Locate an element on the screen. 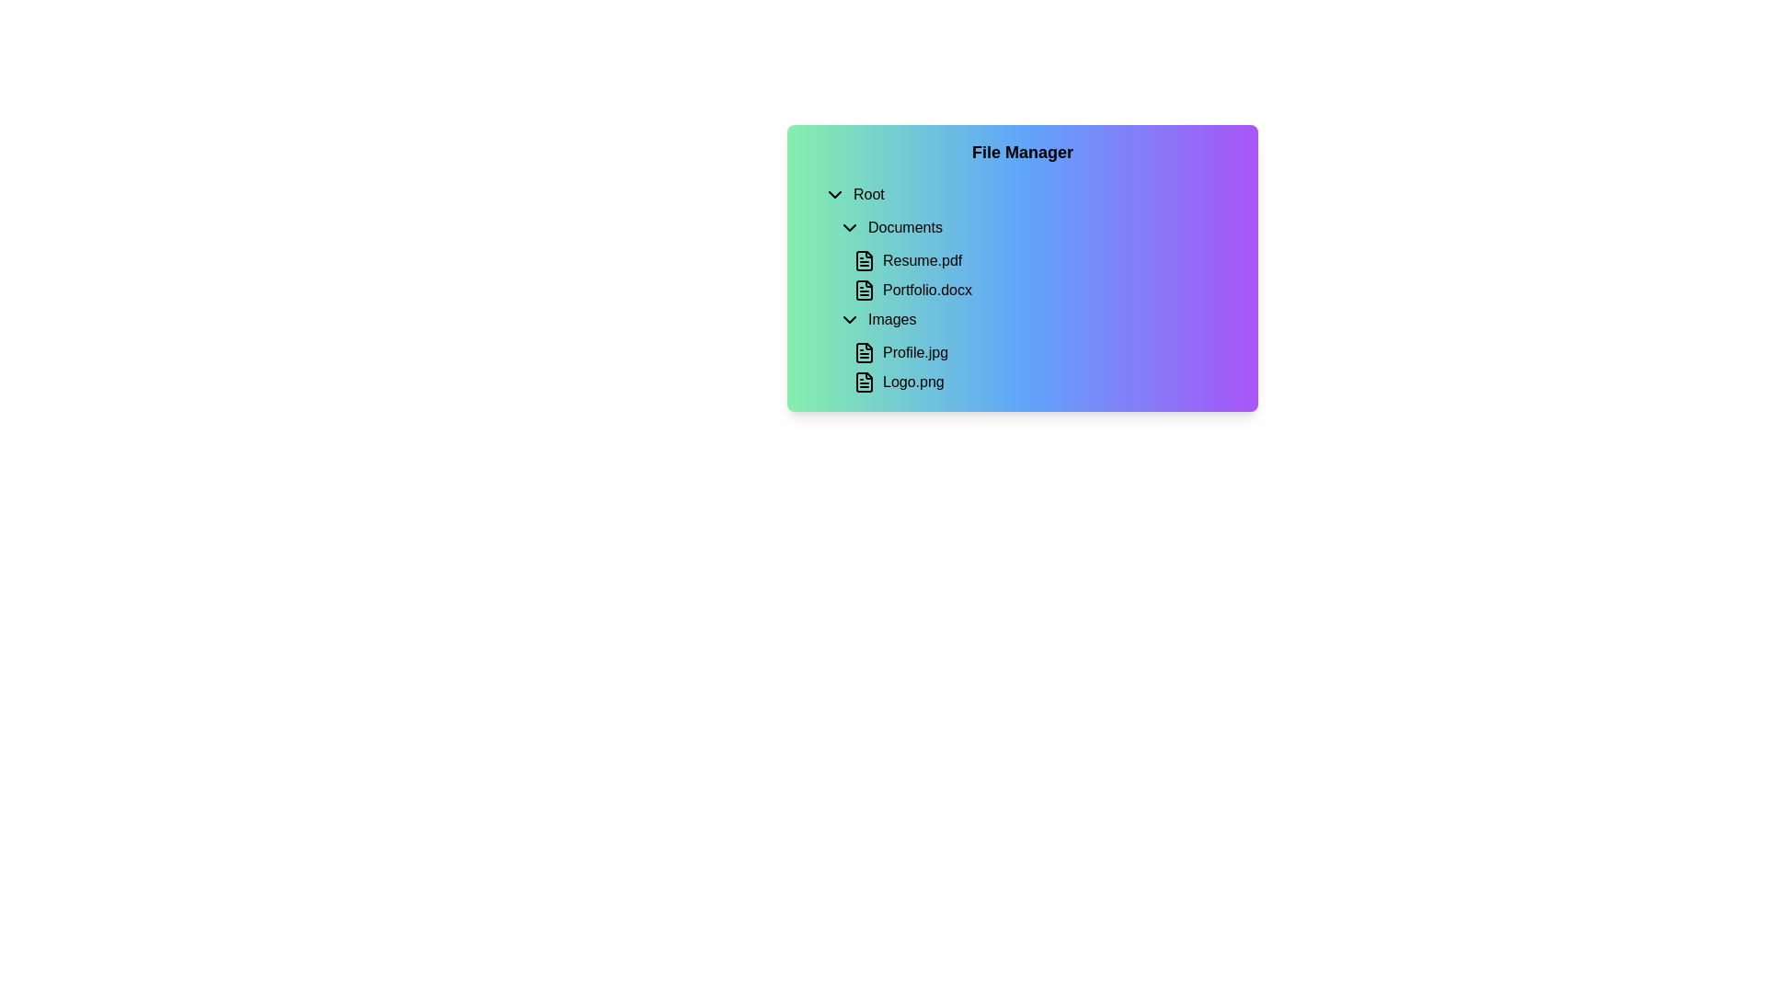 This screenshot has width=1766, height=993. the 'Resume.pdf' text label, which is bold and located next to a file icon in the 'File Manager' panel is located at coordinates (923, 261).